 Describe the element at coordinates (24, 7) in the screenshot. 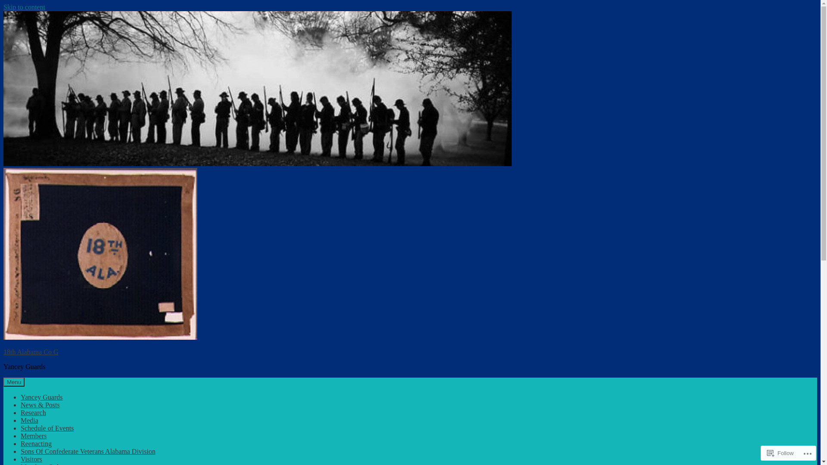

I see `'Skip to content'` at that location.